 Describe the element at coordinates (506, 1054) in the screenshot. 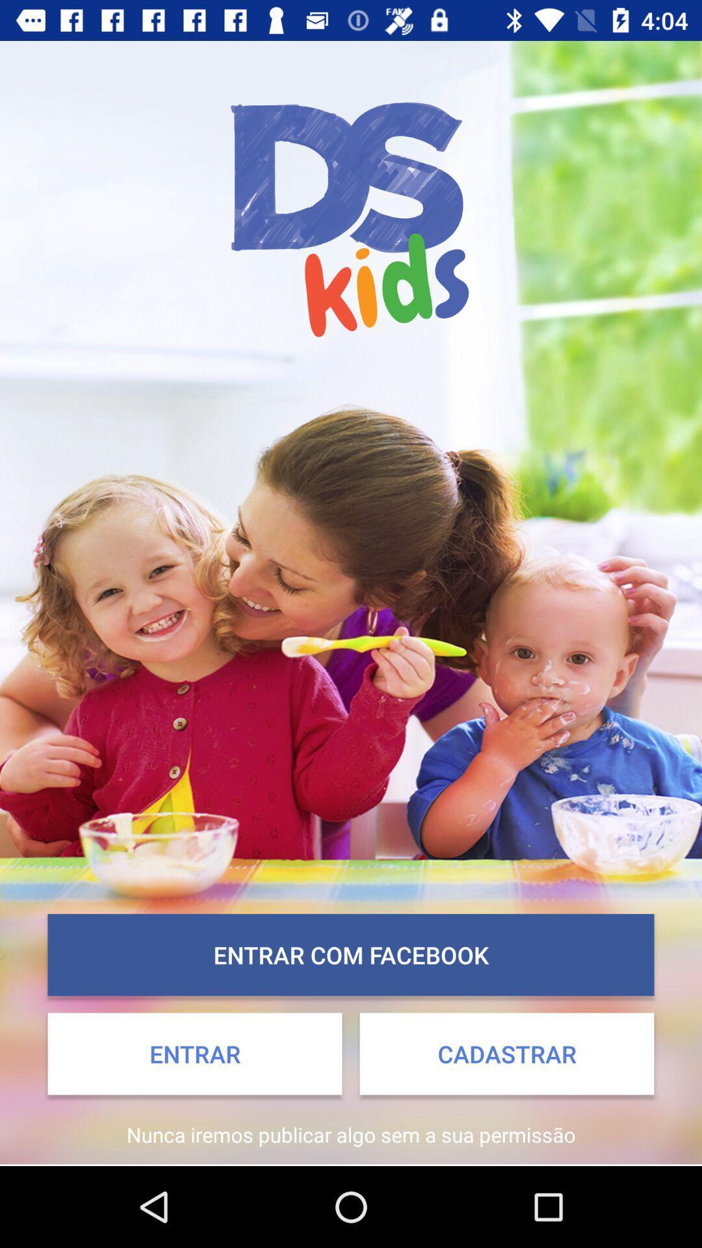

I see `item at the bottom right corner` at that location.